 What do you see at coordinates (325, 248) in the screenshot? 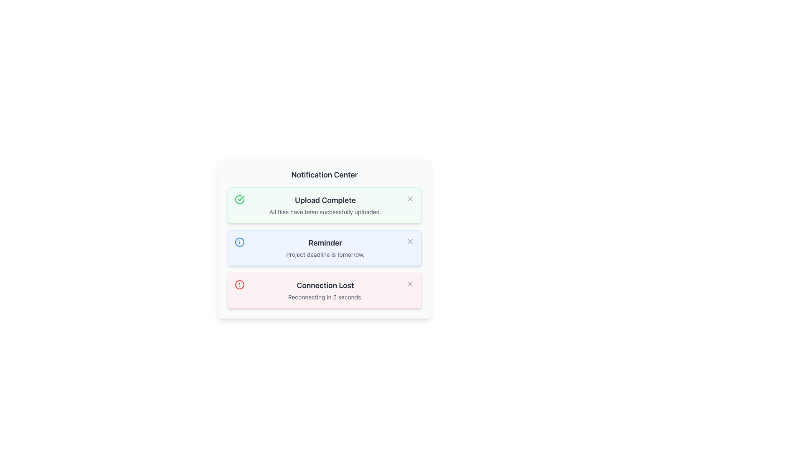
I see `the text block titled 'Reminder' which contains the subtitle 'Project deadline is tomorrow.' in the Notification Center interface` at bounding box center [325, 248].